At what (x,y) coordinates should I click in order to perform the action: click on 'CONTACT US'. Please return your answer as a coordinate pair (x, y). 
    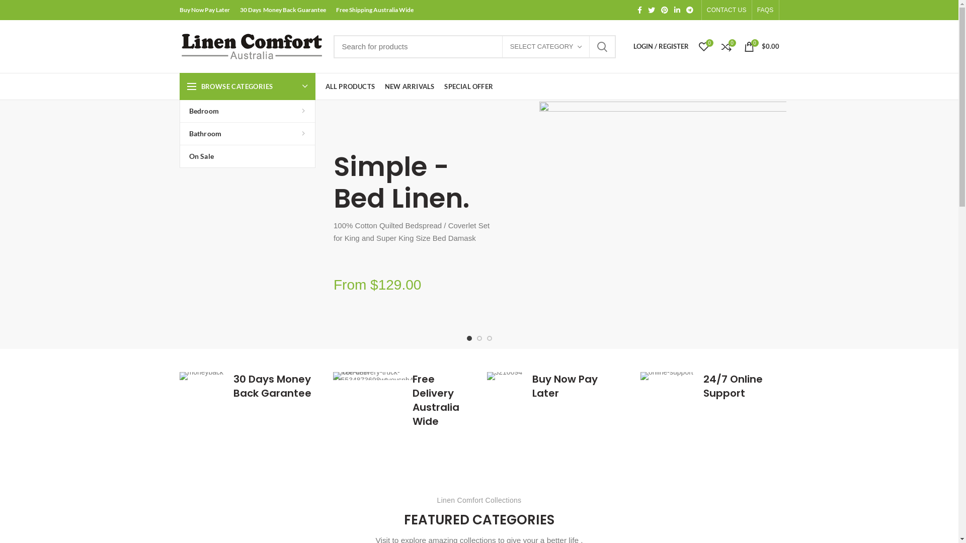
    Looking at the image, I should click on (727, 10).